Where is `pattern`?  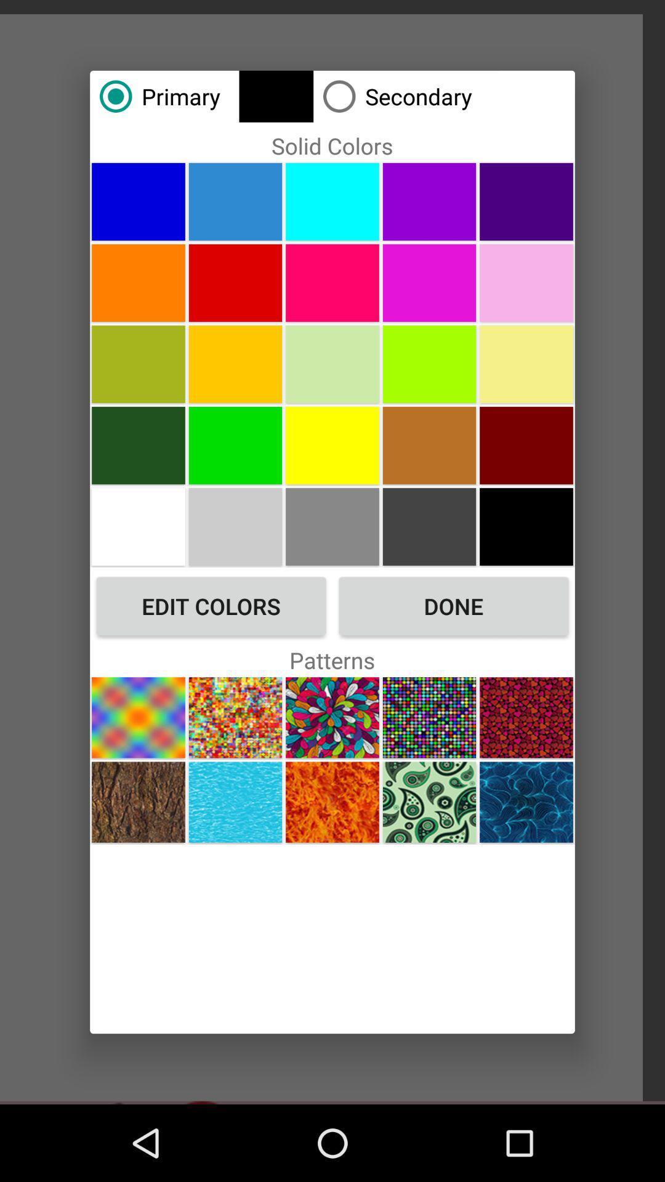 pattern is located at coordinates (235, 802).